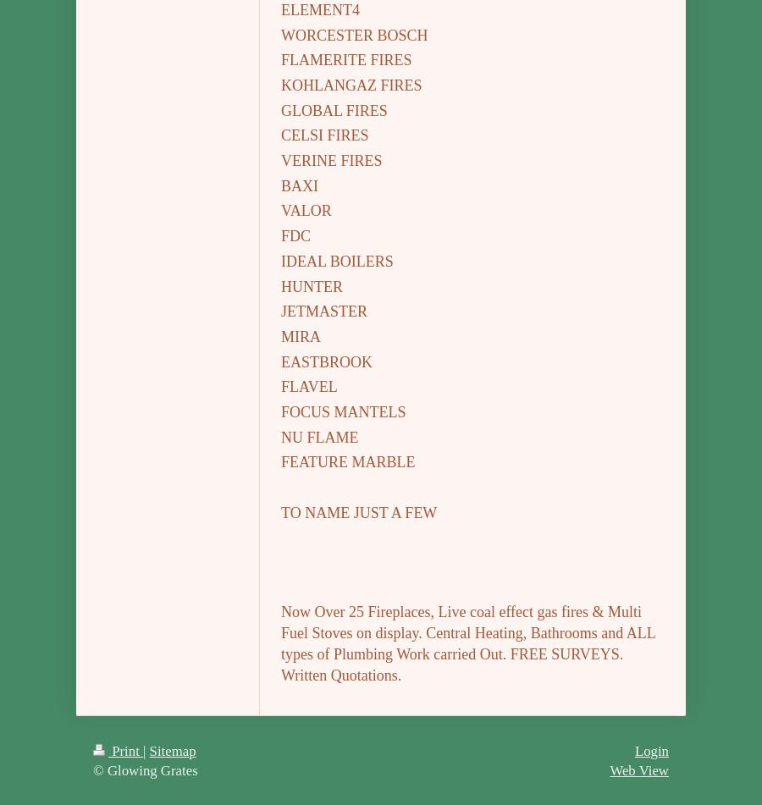  Describe the element at coordinates (280, 110) in the screenshot. I see `'GLOBAL FIRES'` at that location.